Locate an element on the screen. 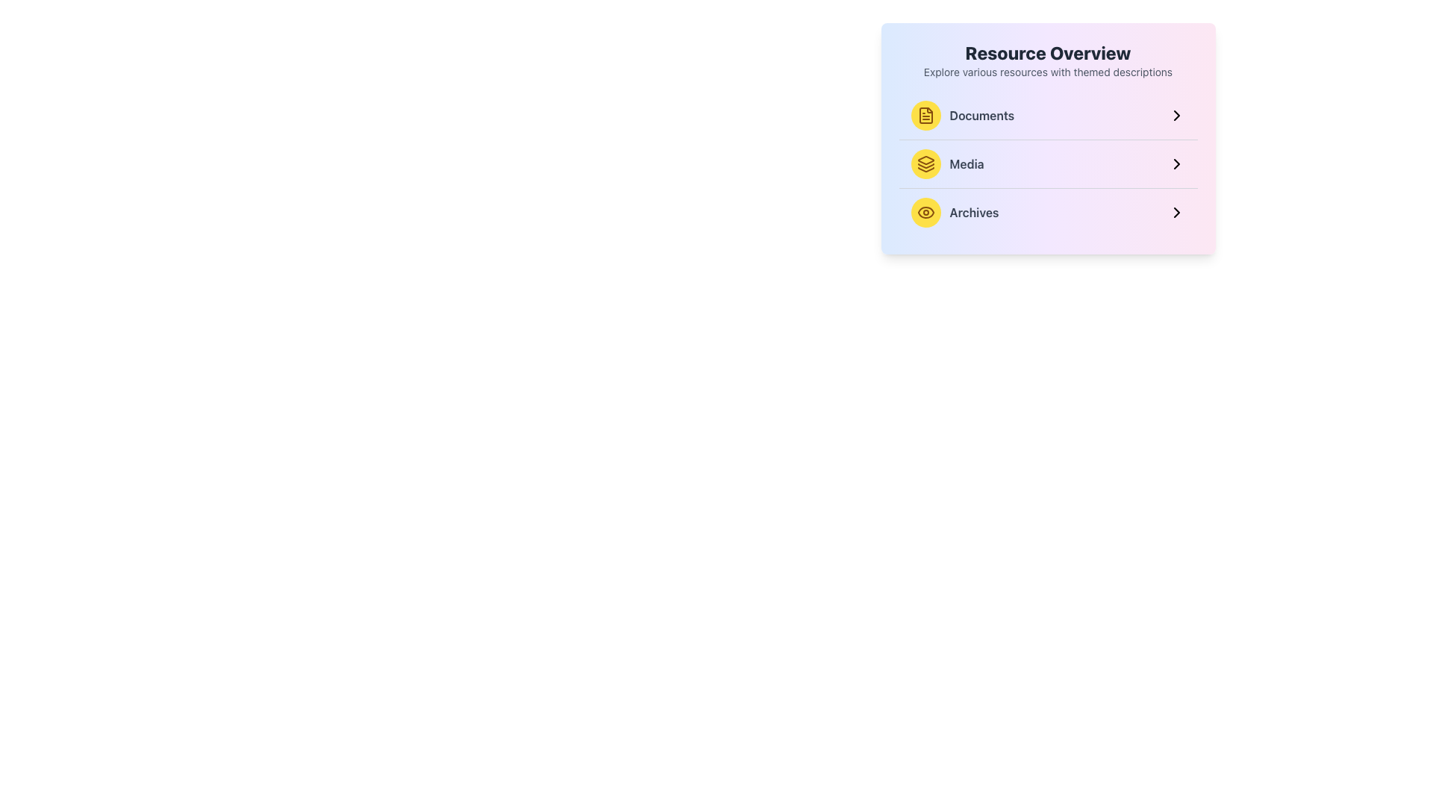 Image resolution: width=1433 pixels, height=806 pixels. the circular yellow icon with an eye symbol, located next to the 'Archives' text in the list of items is located at coordinates (925, 213).